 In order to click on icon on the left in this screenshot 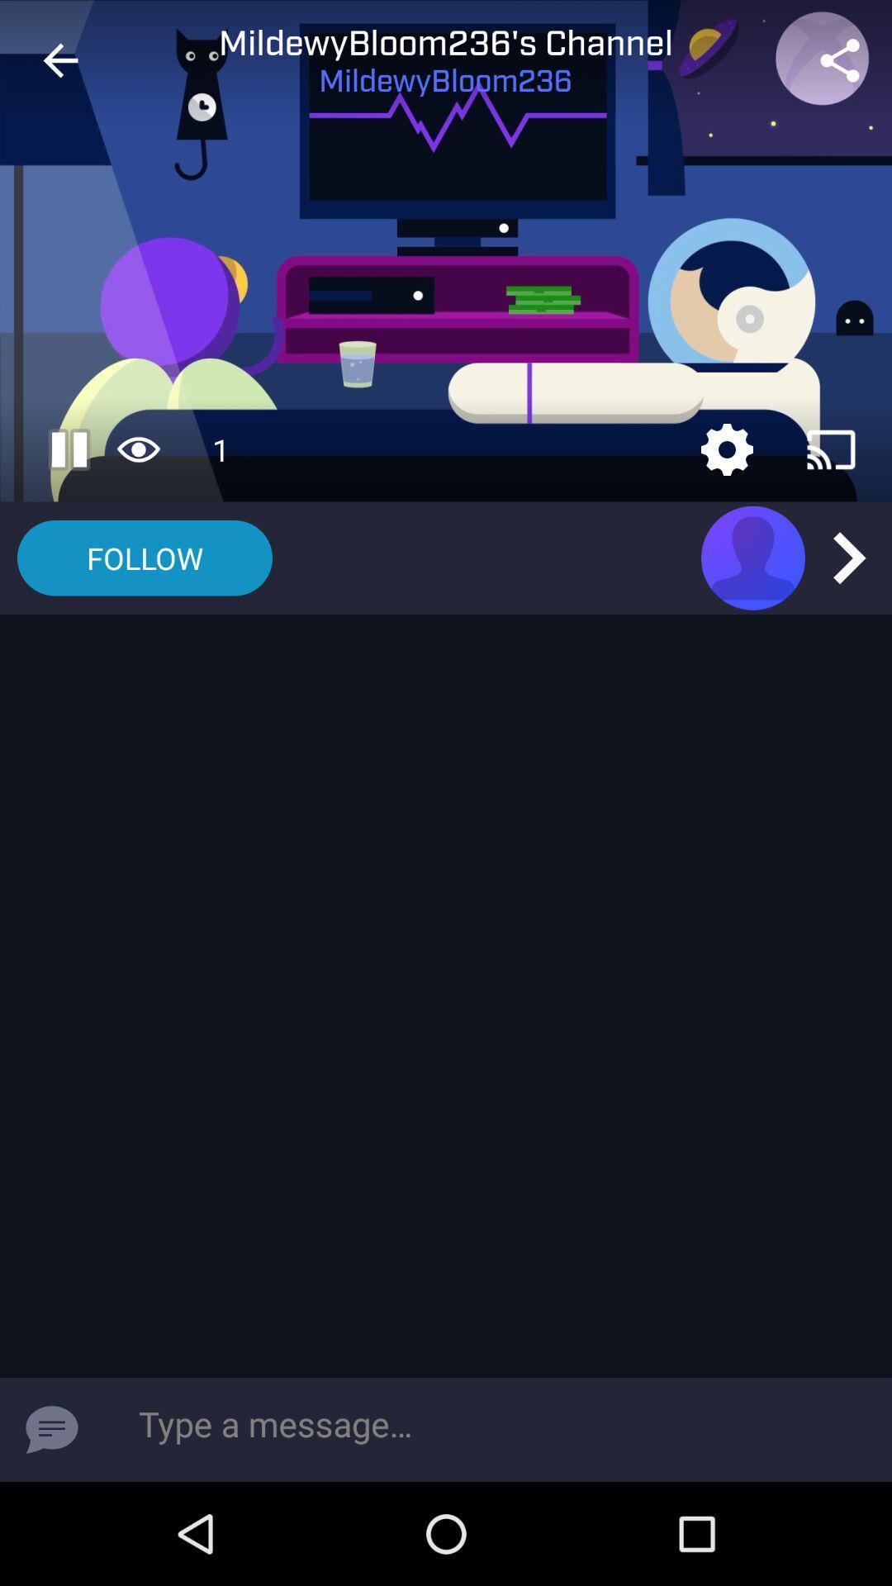, I will do `click(144, 558)`.